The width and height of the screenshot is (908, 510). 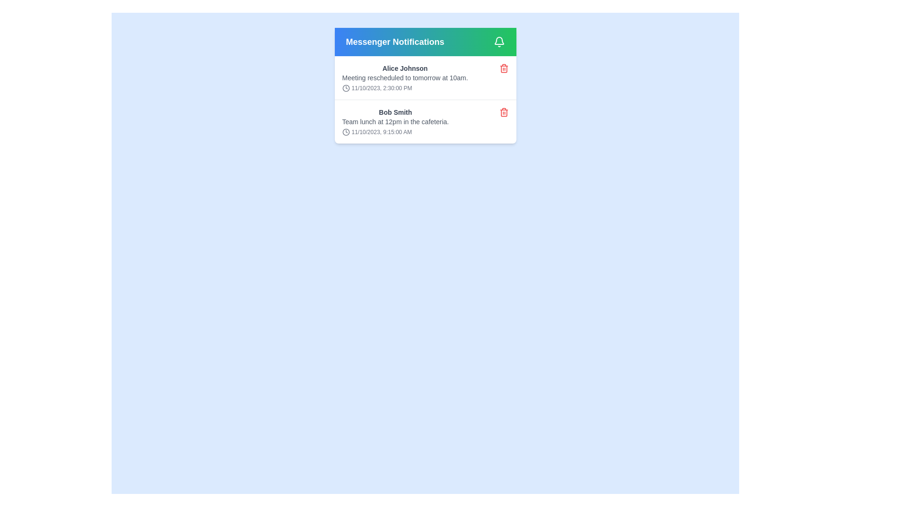 I want to click on the delete button for the notification about 'Bob Smith', which is represented by a small red trash can icon located on the right side of the notification, so click(x=503, y=112).